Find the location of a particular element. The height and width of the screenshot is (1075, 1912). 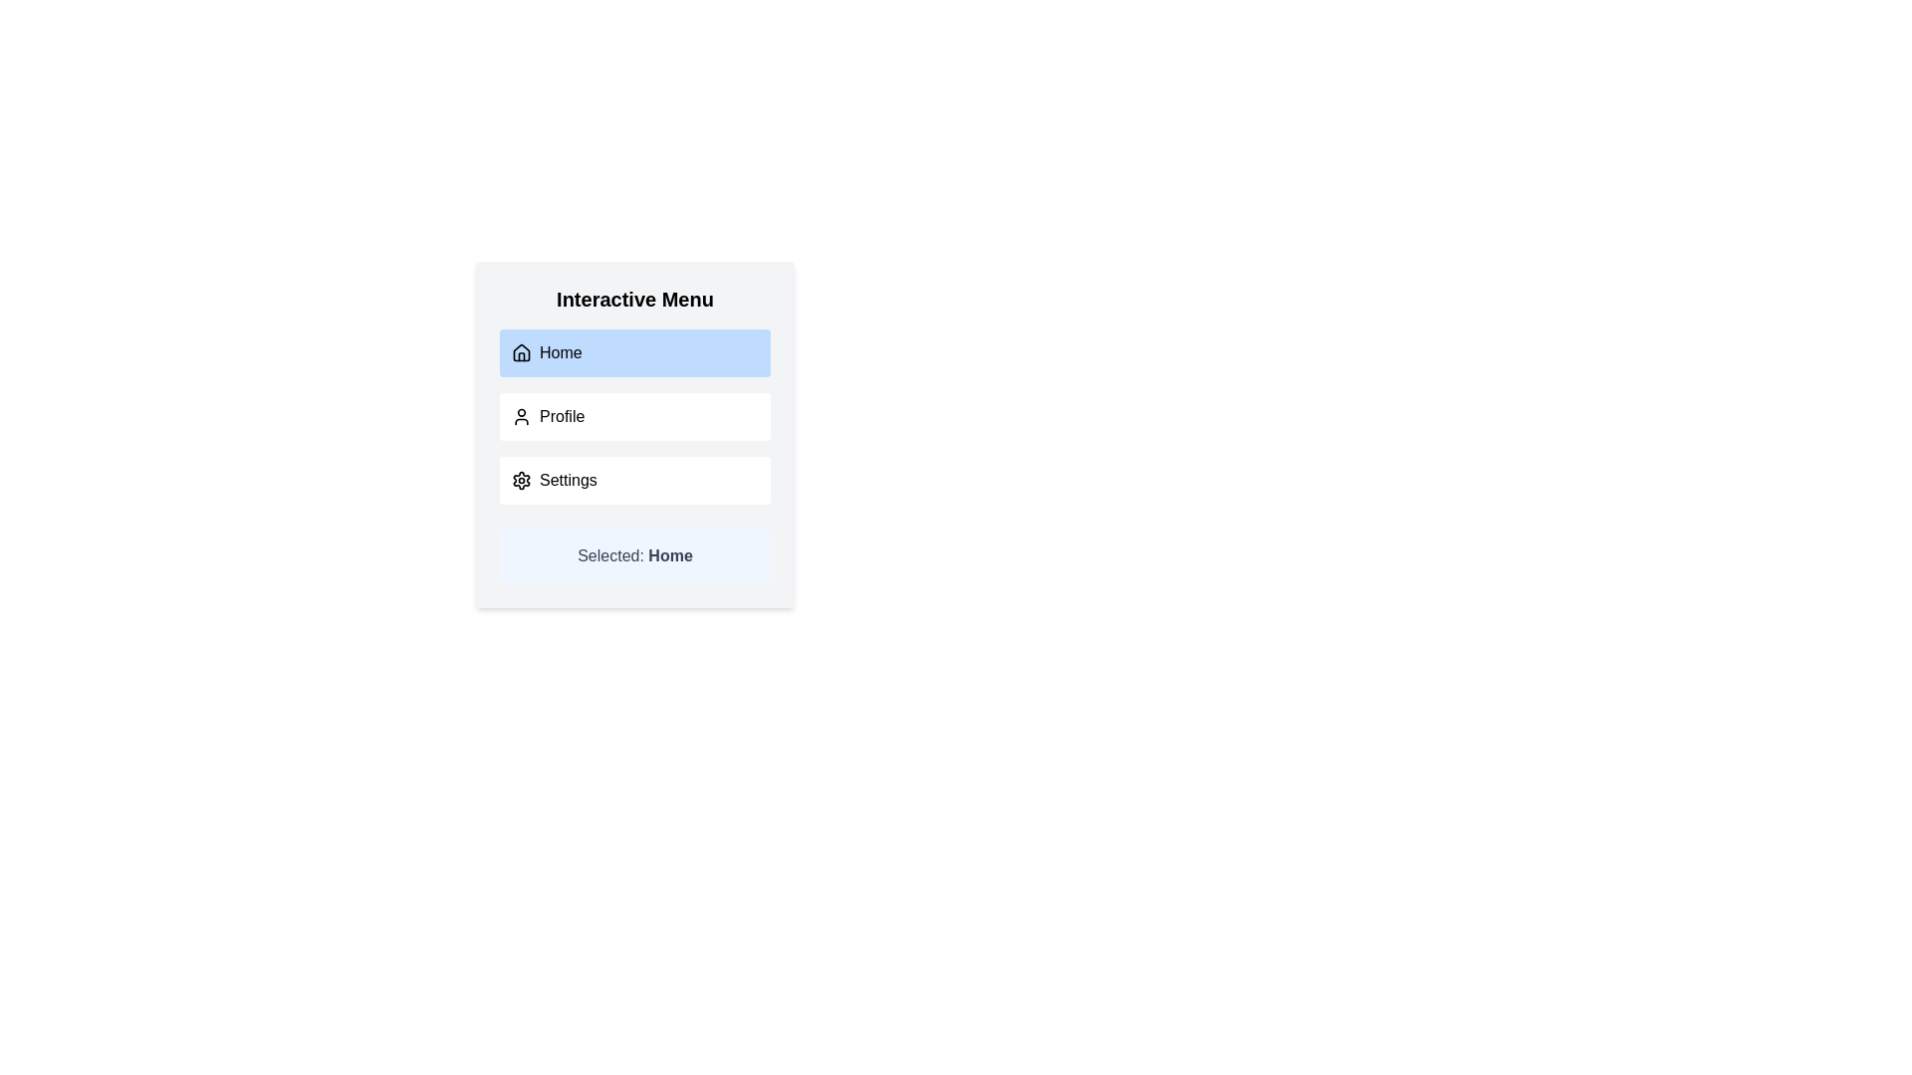

the 'Profile' text label in the interactive menu is located at coordinates (561, 416).